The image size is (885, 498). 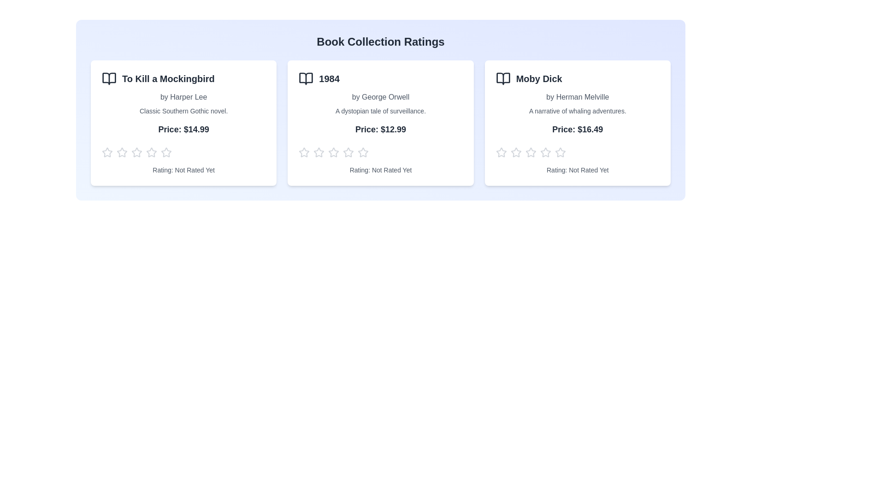 What do you see at coordinates (183, 122) in the screenshot?
I see `the book card to focus on its description` at bounding box center [183, 122].